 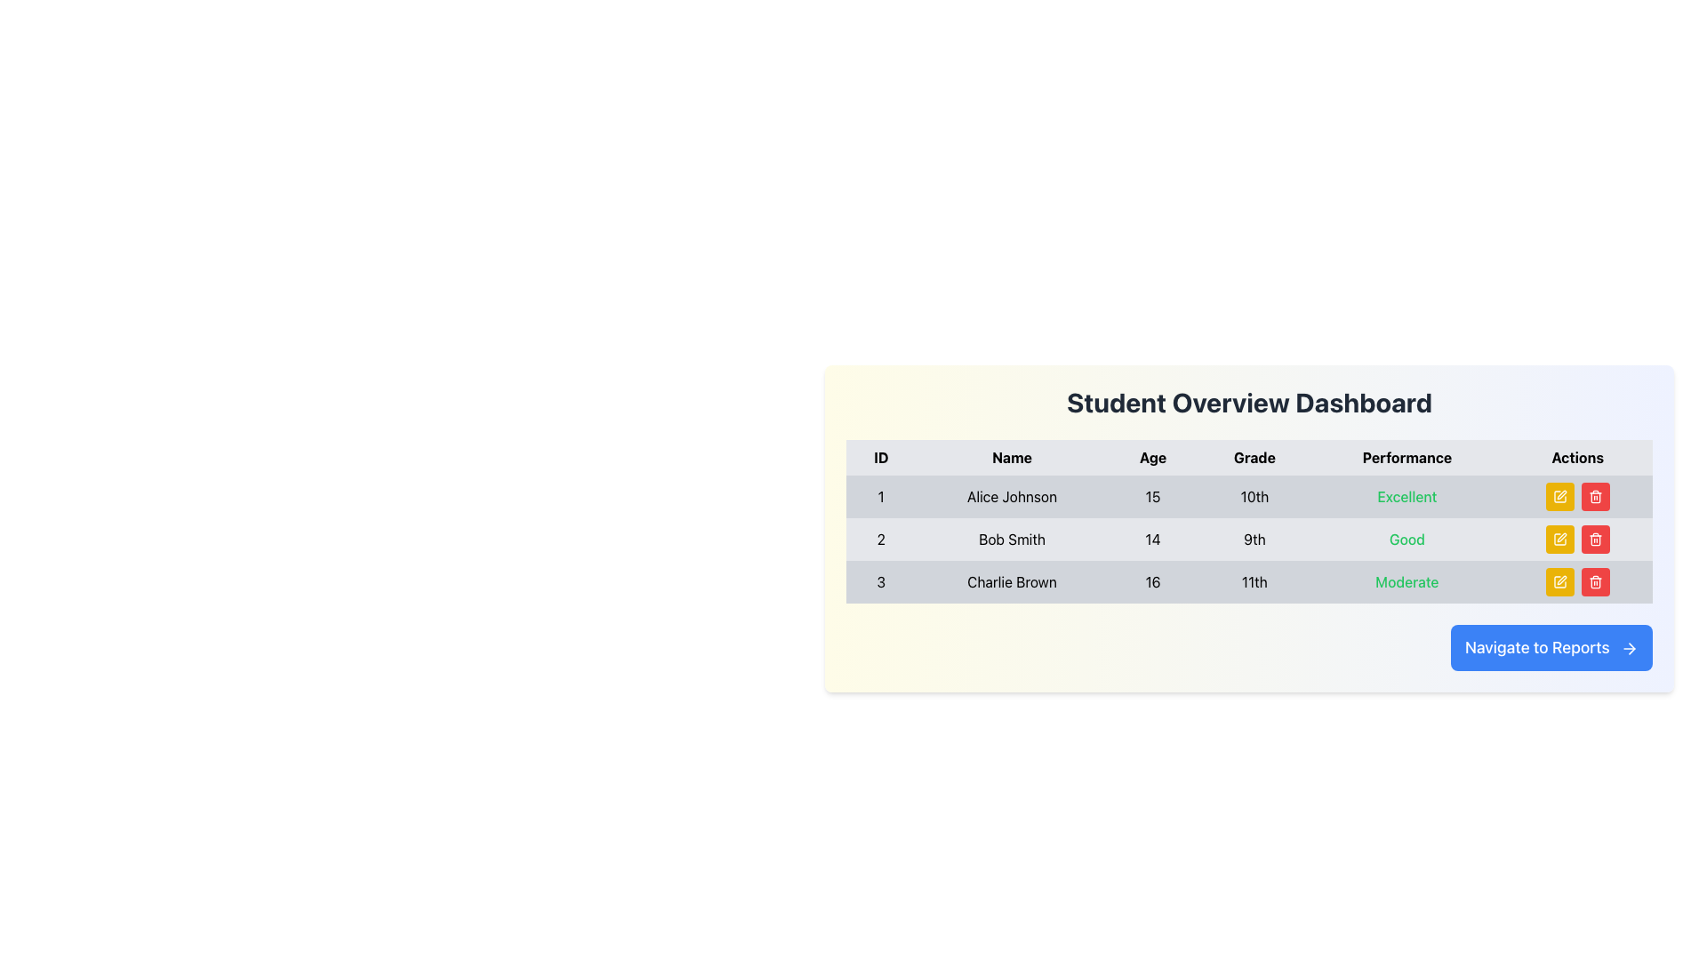 What do you see at coordinates (1559, 538) in the screenshot?
I see `the edit icon (a pencil inside a square) located in the 'Actions' column of the second row for the student 'Bob Smith'` at bounding box center [1559, 538].